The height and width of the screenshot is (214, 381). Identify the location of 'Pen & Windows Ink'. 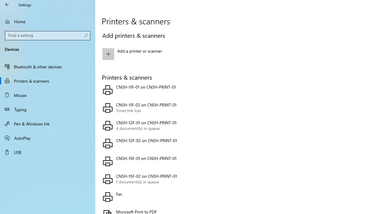
(48, 123).